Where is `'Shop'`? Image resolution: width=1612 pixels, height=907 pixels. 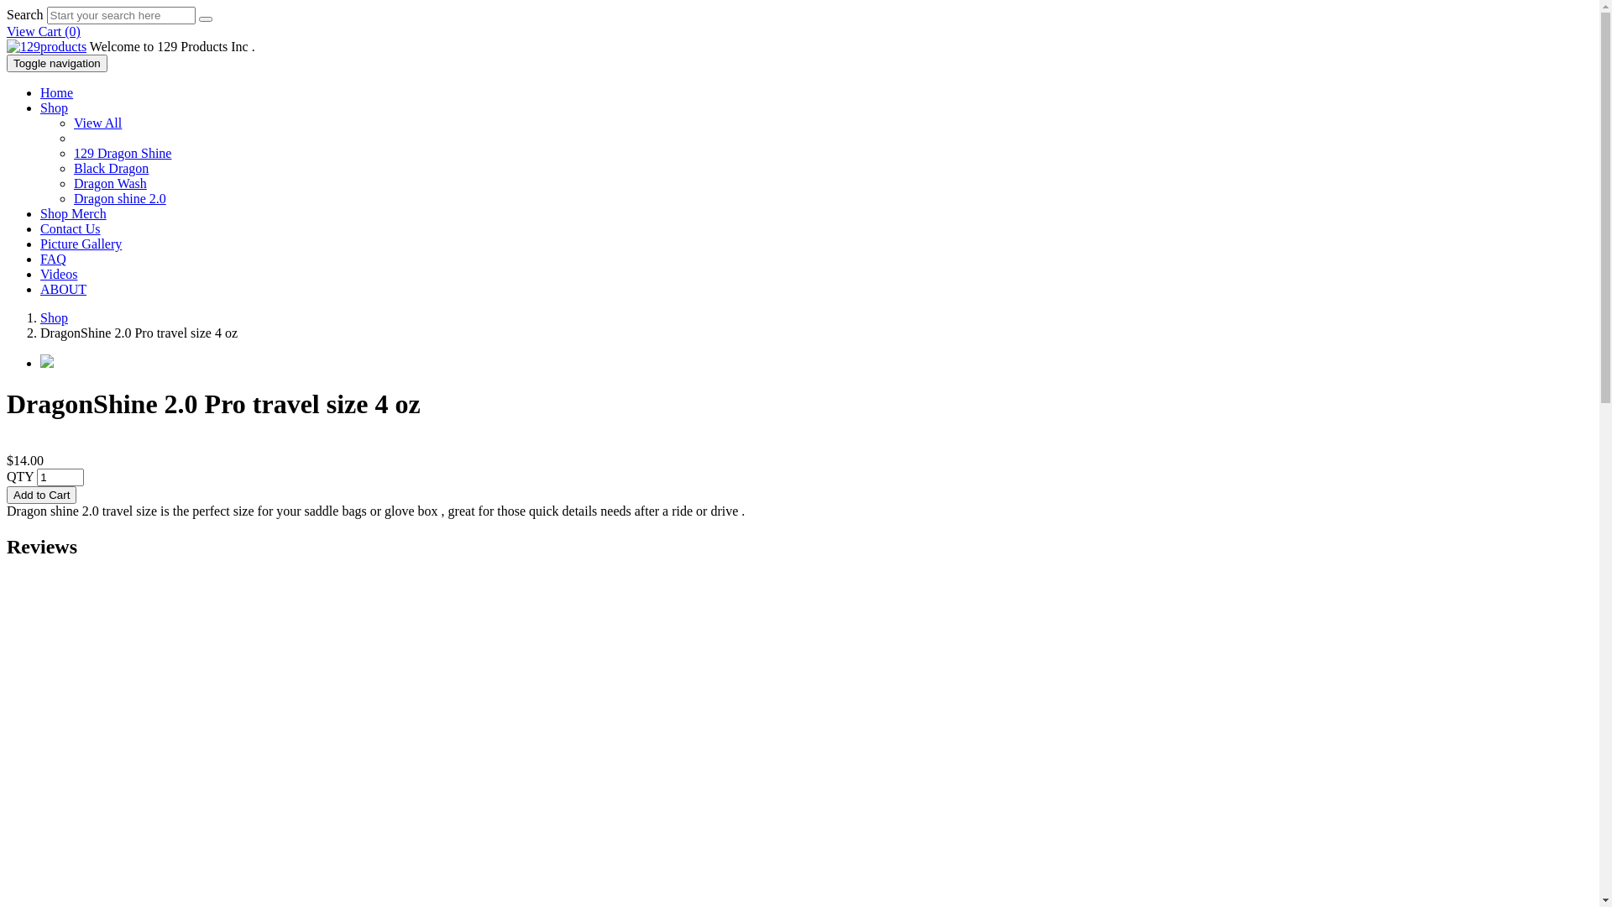 'Shop' is located at coordinates (54, 317).